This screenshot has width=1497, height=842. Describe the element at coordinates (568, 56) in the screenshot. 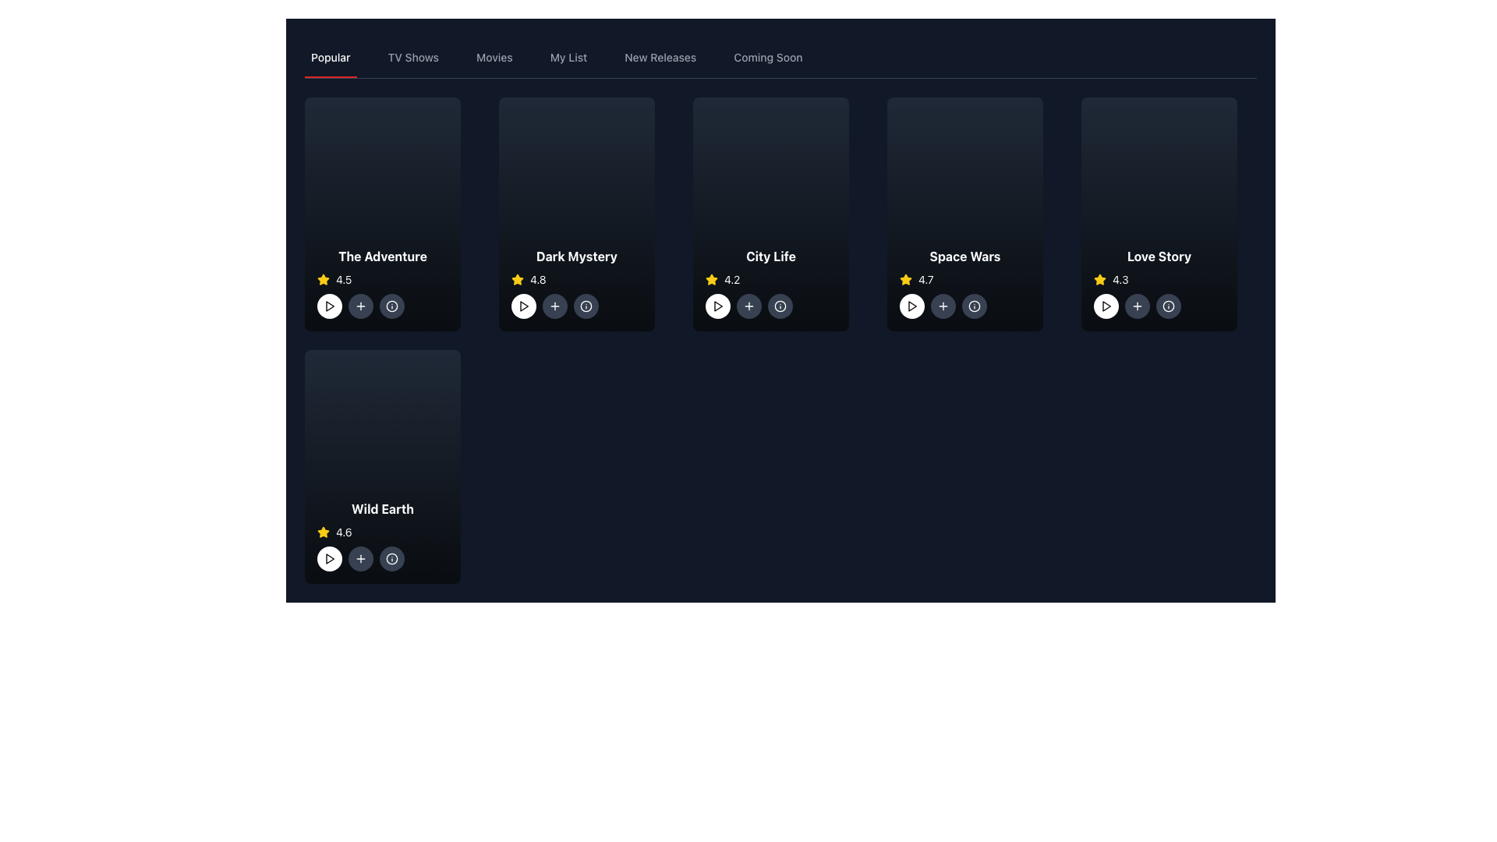

I see `the fourth button in the navigation bar, which filters or displays the user's saved list, to trigger a color change` at that location.